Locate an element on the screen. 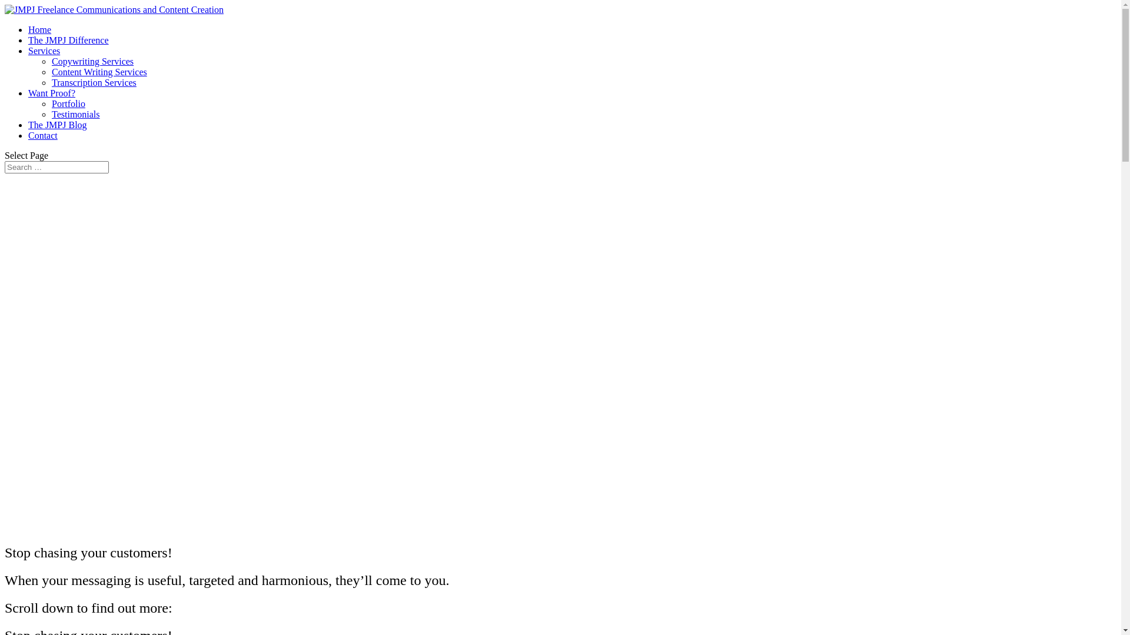 The width and height of the screenshot is (1130, 635). 'Services' is located at coordinates (44, 50).